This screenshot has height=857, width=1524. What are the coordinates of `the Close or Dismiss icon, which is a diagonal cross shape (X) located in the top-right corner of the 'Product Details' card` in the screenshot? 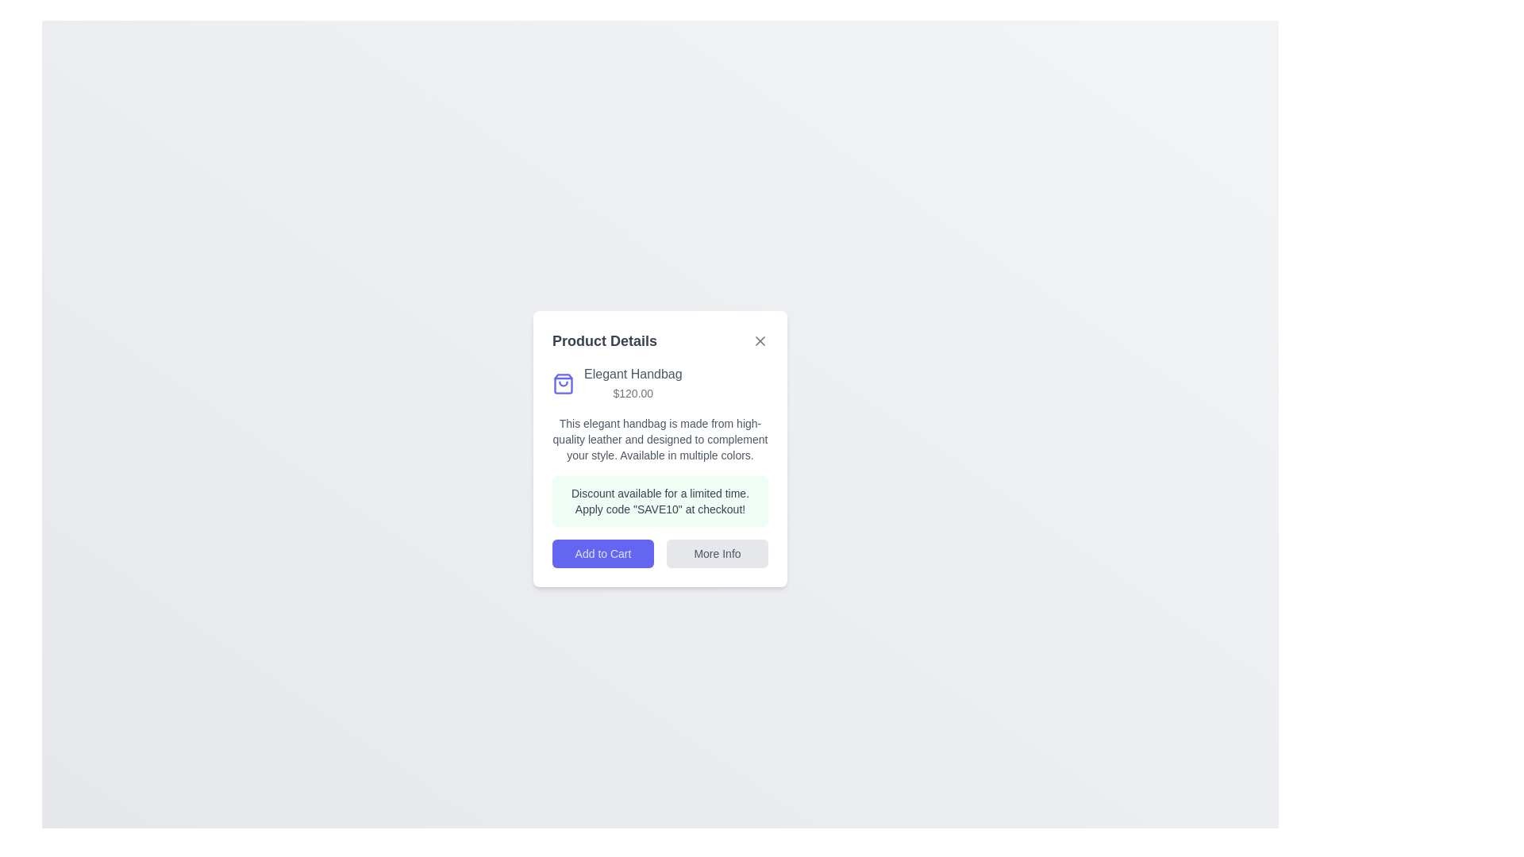 It's located at (760, 340).